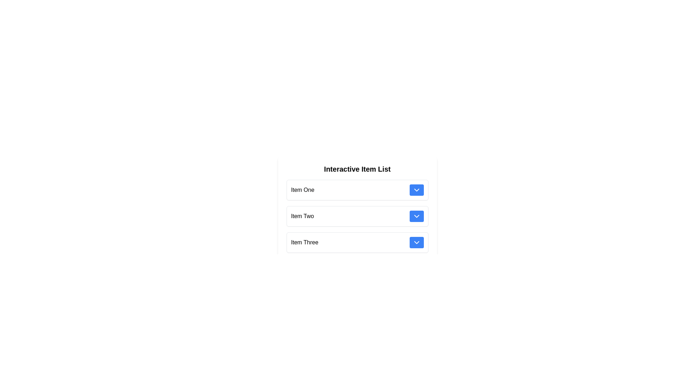  What do you see at coordinates (357, 169) in the screenshot?
I see `the centered bold text heading 'Interactive Item List' which serves as a title for the items below it` at bounding box center [357, 169].